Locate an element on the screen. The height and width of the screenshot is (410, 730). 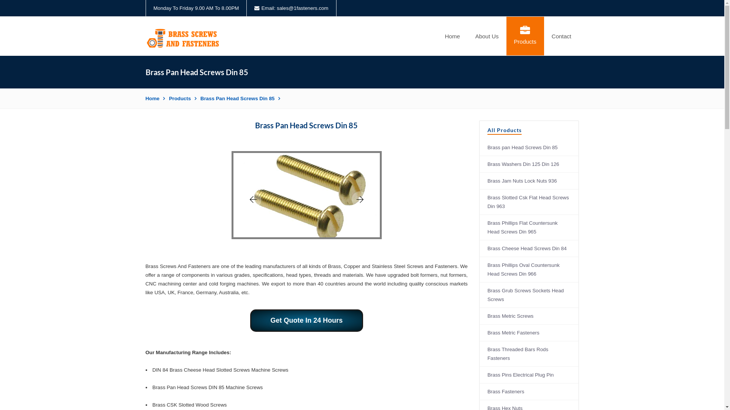
'Brass Washers Din 125 Din 126' is located at coordinates (528, 164).